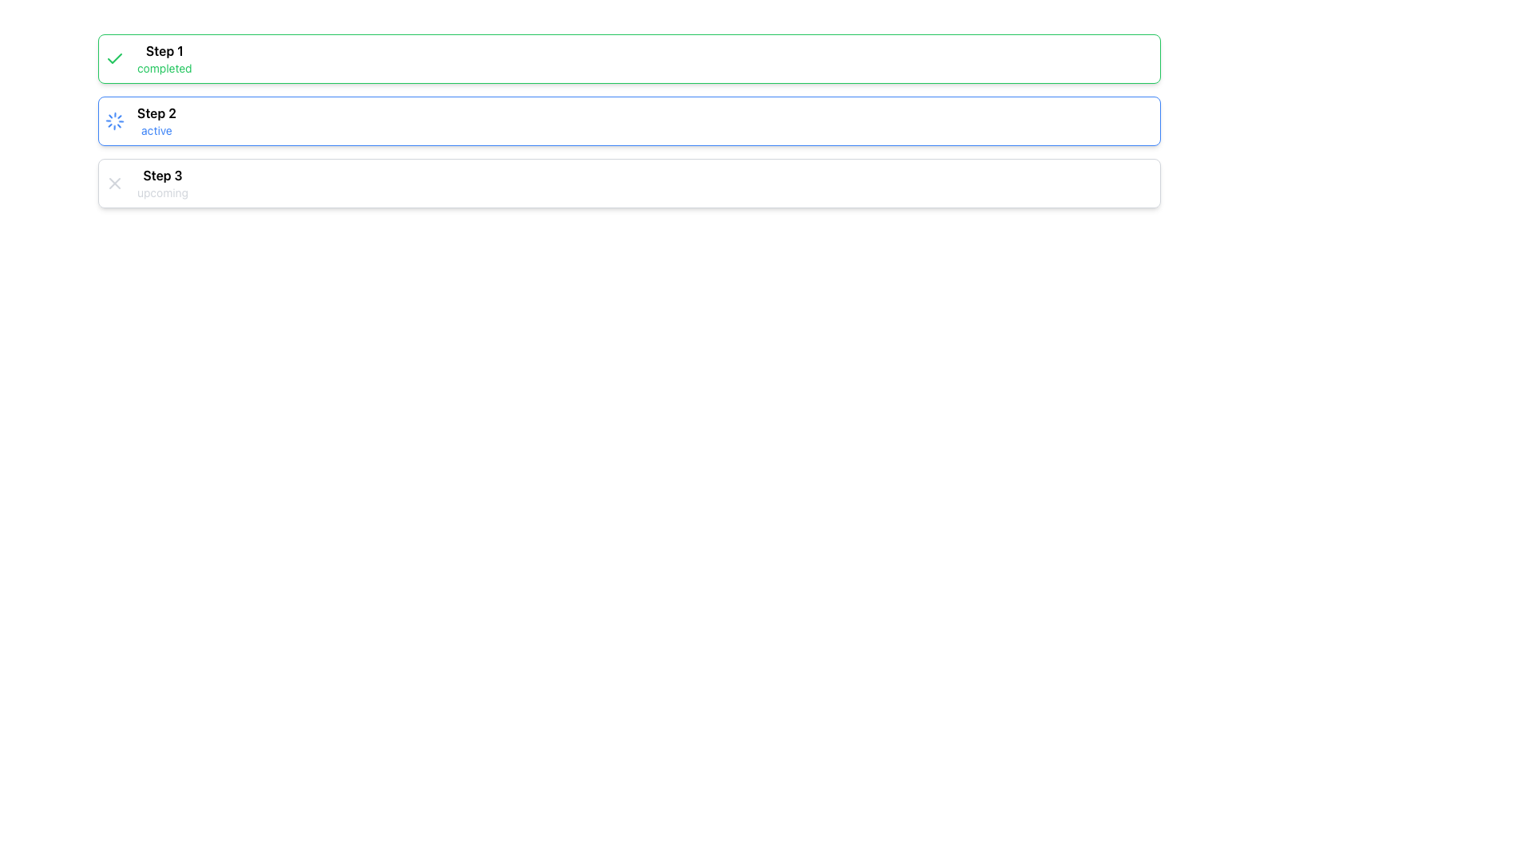  I want to click on the 'Step 2' text-based display component indicating the current step in a multi-step process, so click(156, 120).